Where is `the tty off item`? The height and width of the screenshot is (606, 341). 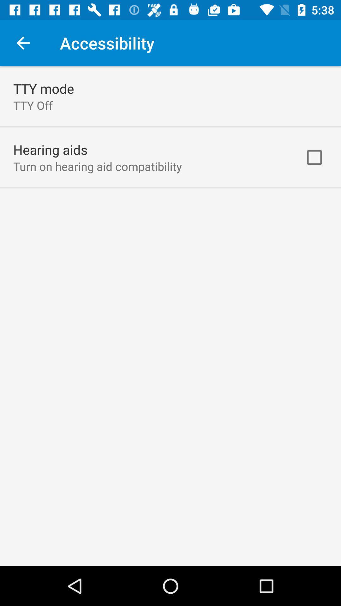
the tty off item is located at coordinates (33, 105).